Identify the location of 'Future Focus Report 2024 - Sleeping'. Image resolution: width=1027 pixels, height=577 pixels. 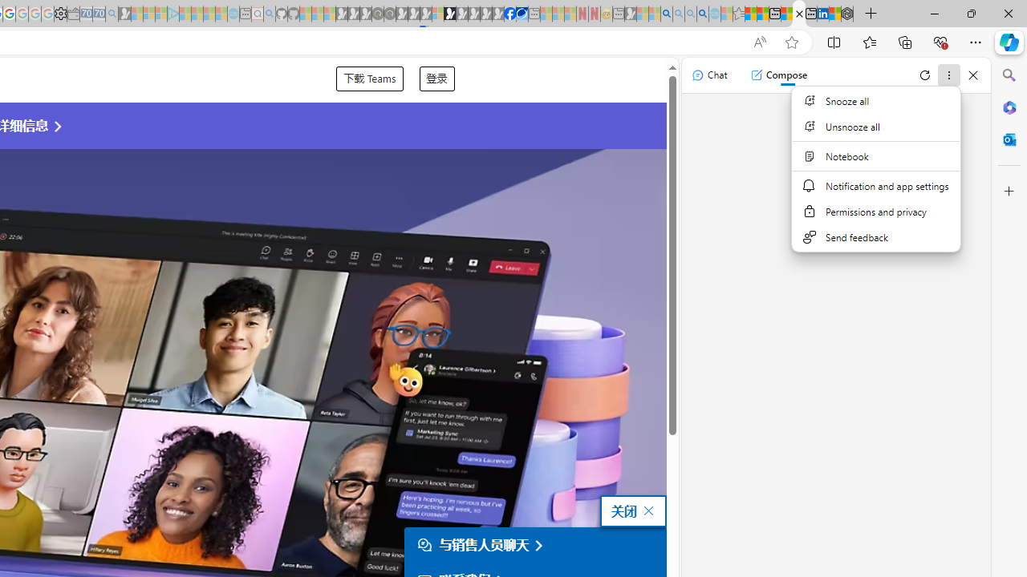
(389, 14).